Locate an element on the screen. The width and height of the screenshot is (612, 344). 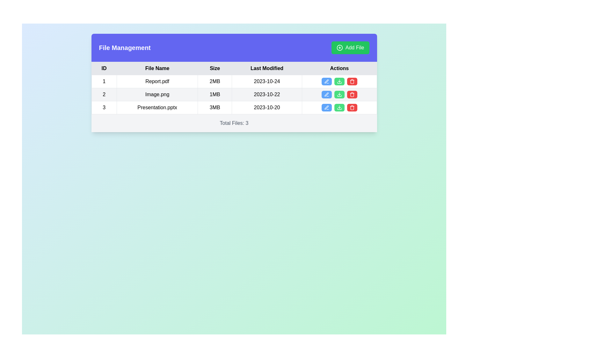
the 'File Management' heading located in the top-left portion of the purple header bar, which indicates the purpose of the section below it is located at coordinates (125, 47).